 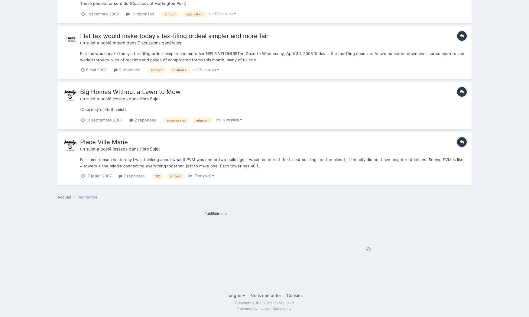 What do you see at coordinates (265, 295) in the screenshot?
I see `'Nous contacter'` at bounding box center [265, 295].